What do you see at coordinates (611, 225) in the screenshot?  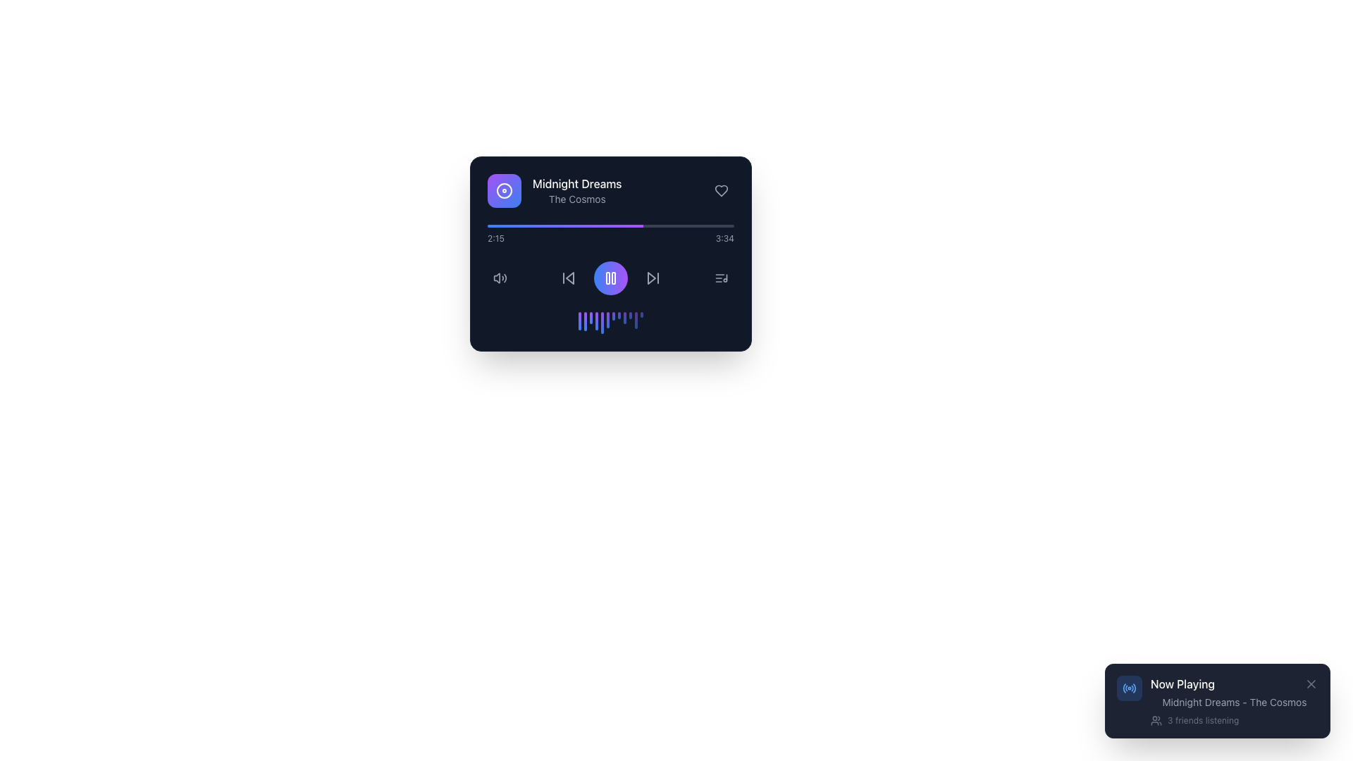 I see `the progress bar that displays the current progress of a playing audio track` at bounding box center [611, 225].